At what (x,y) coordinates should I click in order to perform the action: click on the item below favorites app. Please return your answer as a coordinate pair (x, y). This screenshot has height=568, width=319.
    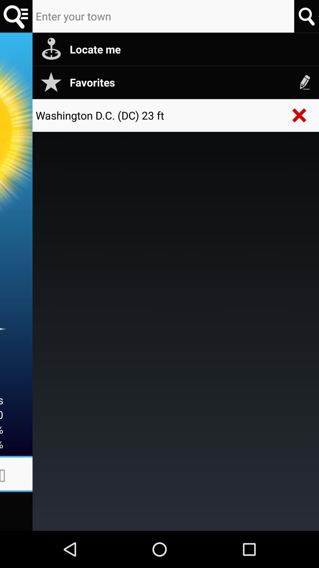
    Looking at the image, I should click on (300, 115).